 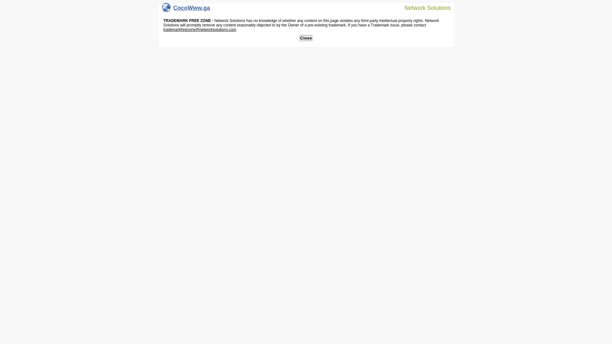 I want to click on 'Close', so click(x=306, y=38).